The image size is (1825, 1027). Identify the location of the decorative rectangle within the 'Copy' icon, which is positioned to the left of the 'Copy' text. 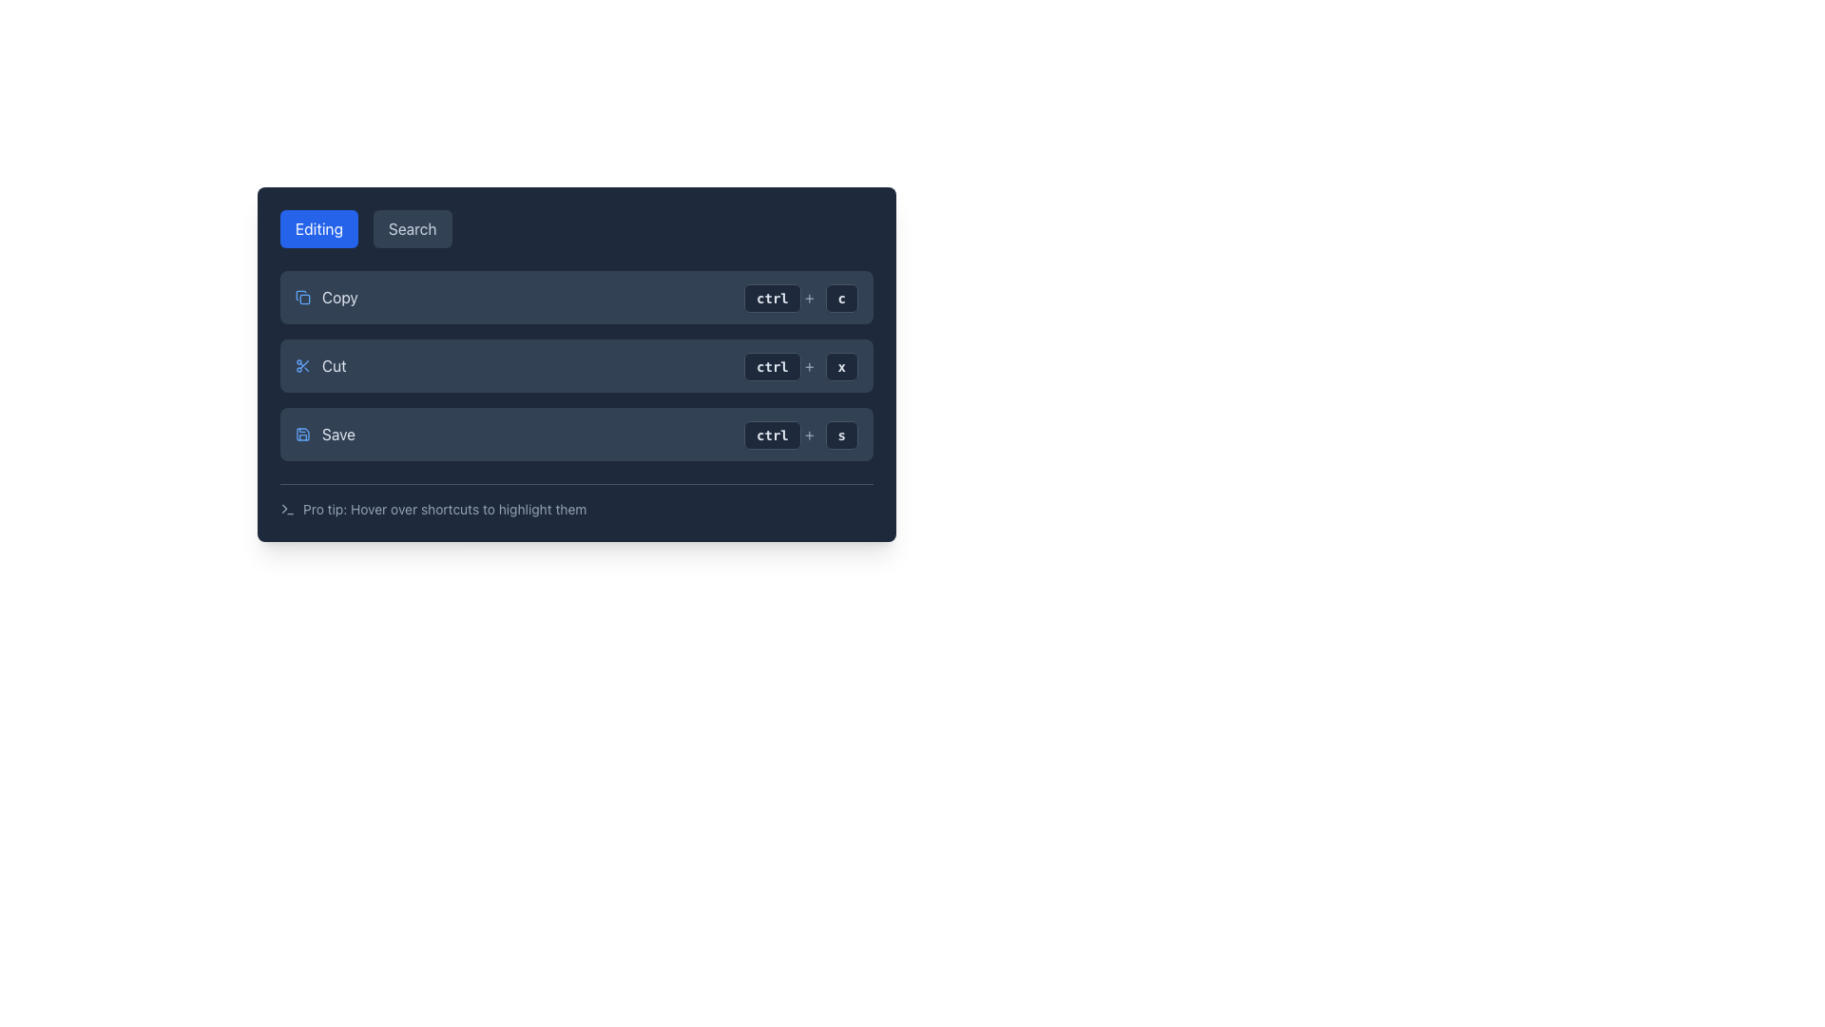
(305, 300).